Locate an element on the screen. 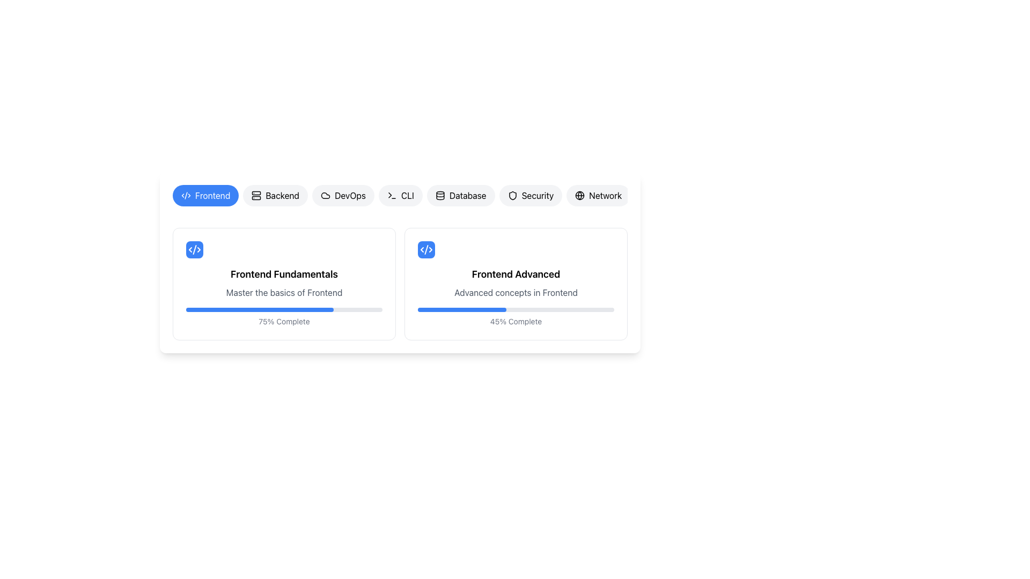  the navigation button for Command Line Interface (CLI) located fourth from the left in a horizontal row of buttons, adjacent to 'DevOps' and 'Database' is located at coordinates (400, 196).